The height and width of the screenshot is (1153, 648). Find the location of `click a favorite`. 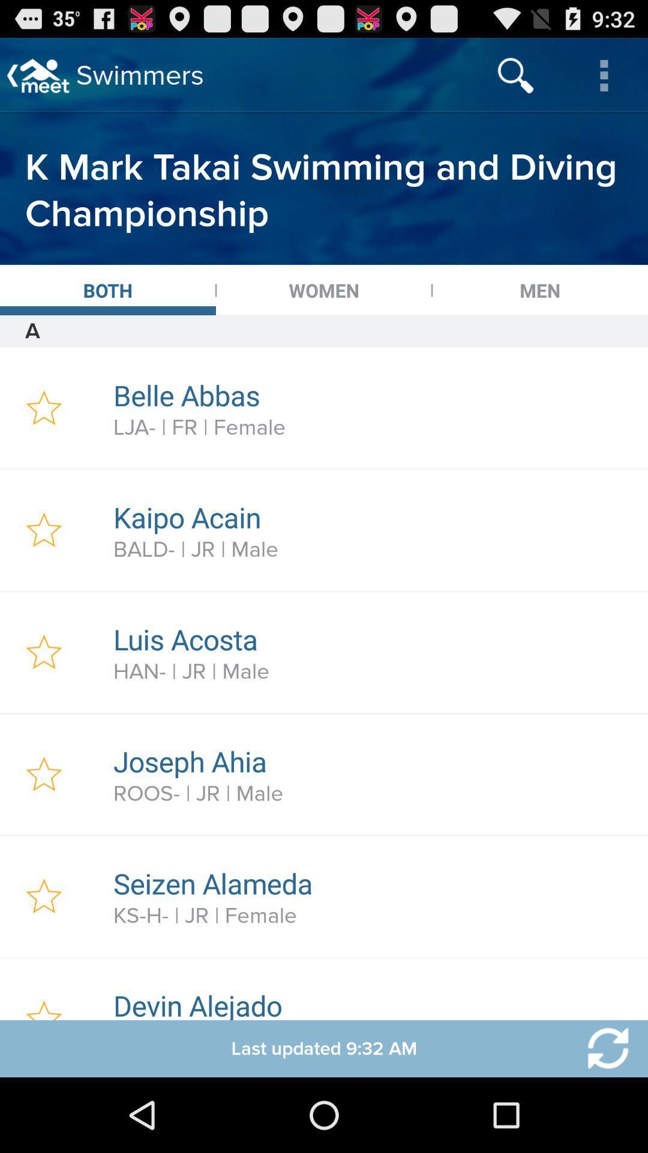

click a favorite is located at coordinates (43, 652).